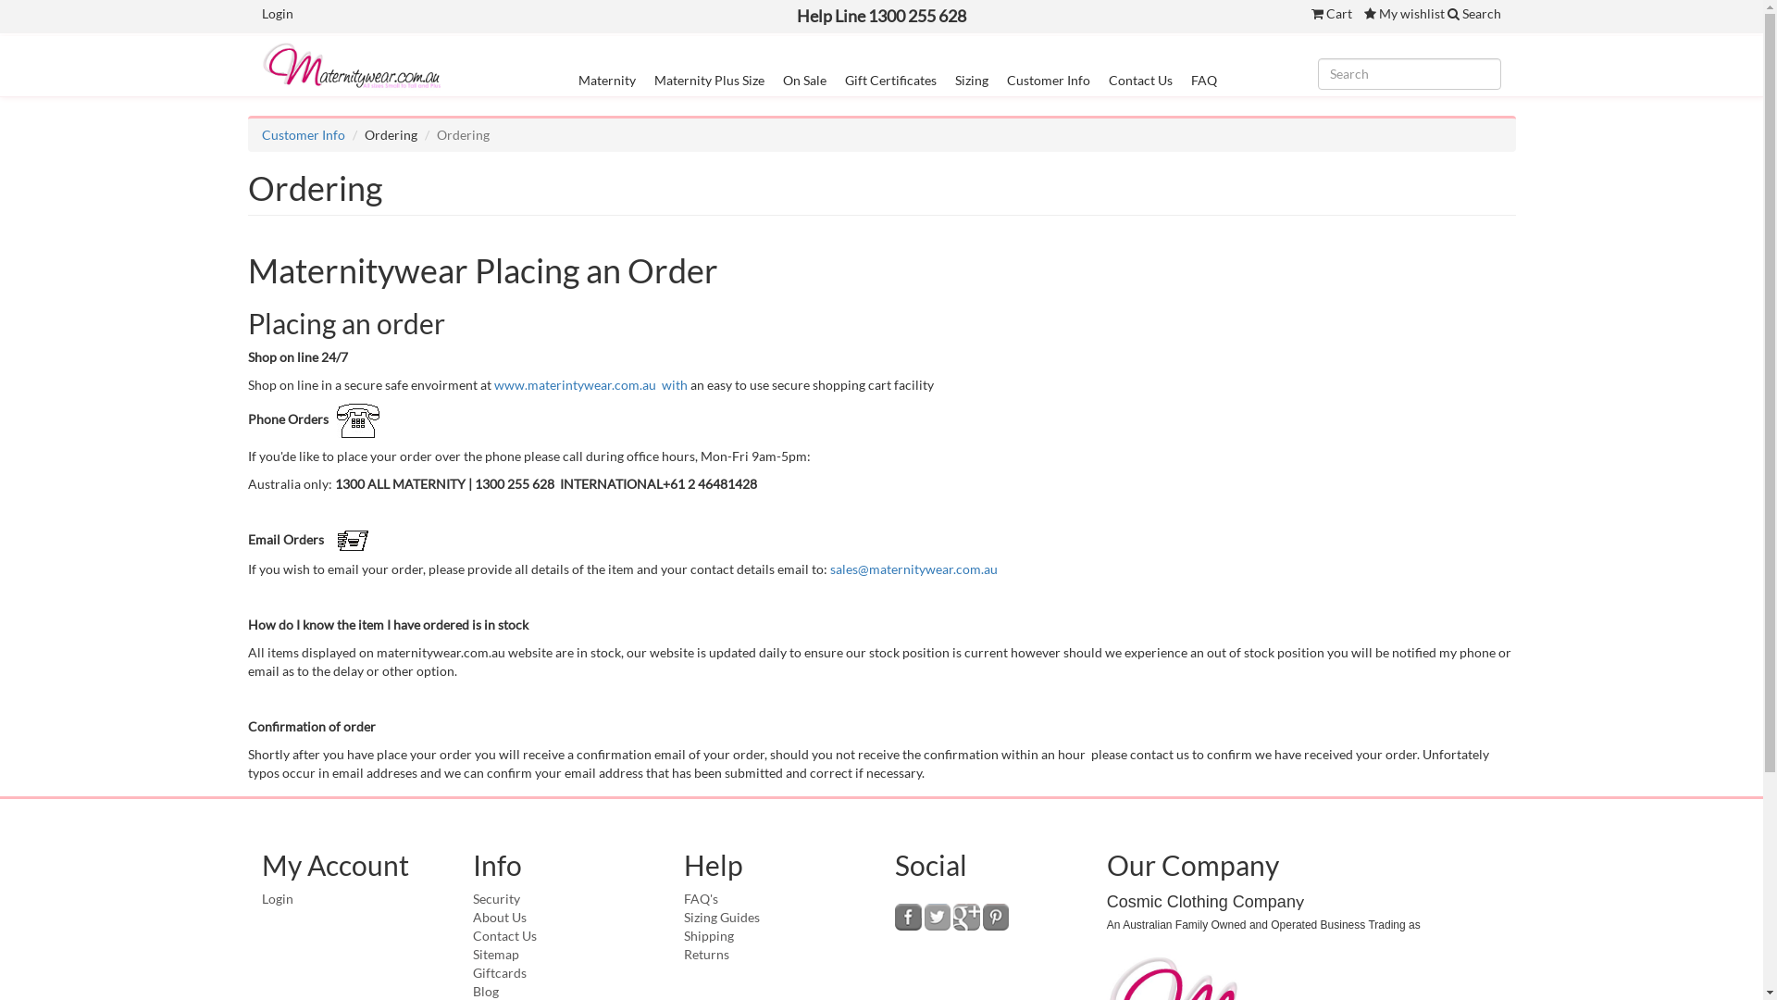 The height and width of the screenshot is (1000, 1777). What do you see at coordinates (607, 79) in the screenshot?
I see `'Maternity'` at bounding box center [607, 79].